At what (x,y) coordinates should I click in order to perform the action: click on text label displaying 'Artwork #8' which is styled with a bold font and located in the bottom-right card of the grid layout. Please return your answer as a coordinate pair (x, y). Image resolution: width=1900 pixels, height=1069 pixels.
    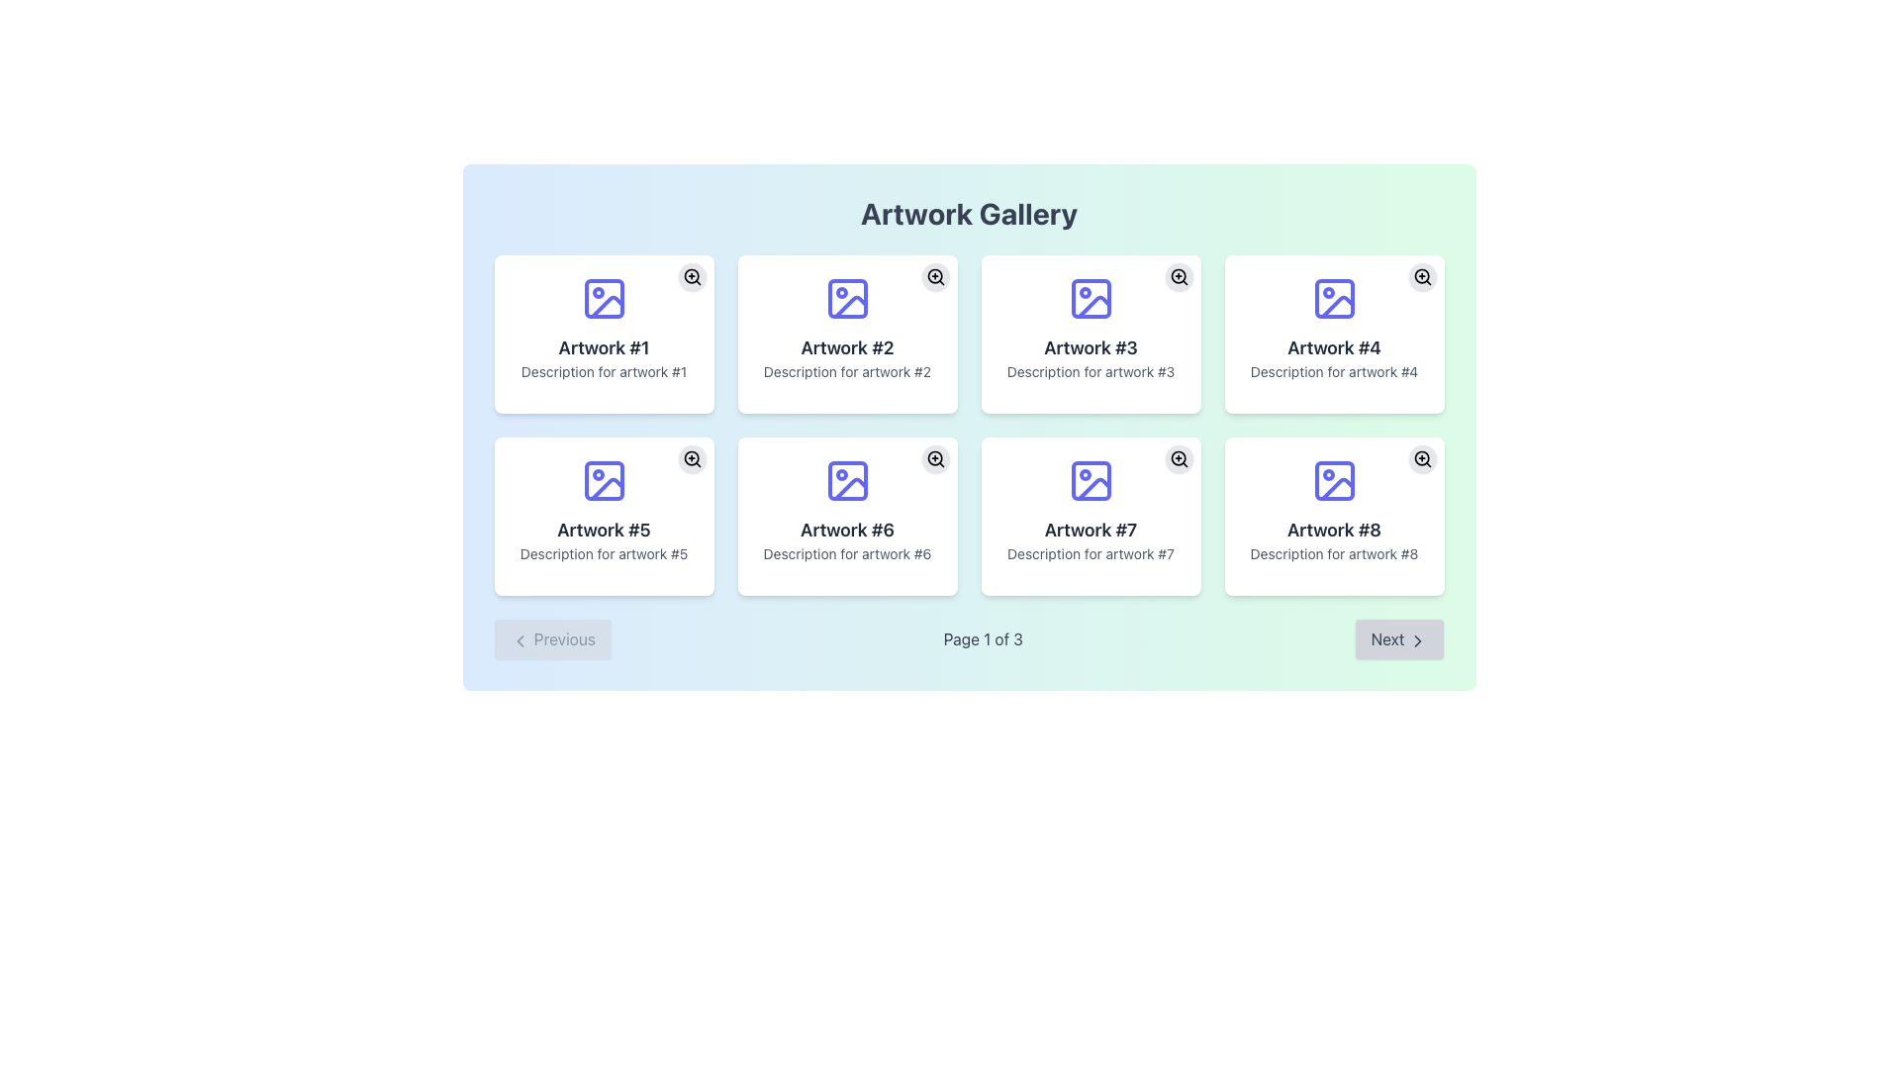
    Looking at the image, I should click on (1334, 530).